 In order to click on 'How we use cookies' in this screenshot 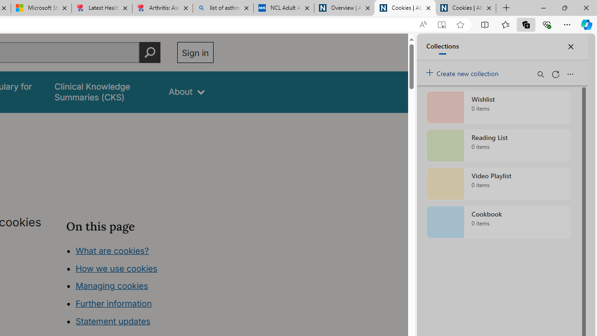, I will do `click(116, 268)`.